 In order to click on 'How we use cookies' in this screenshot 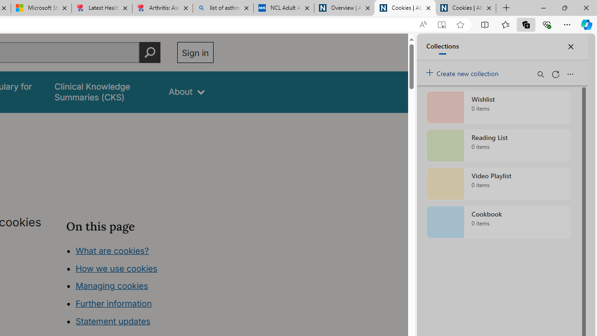, I will do `click(116, 268)`.